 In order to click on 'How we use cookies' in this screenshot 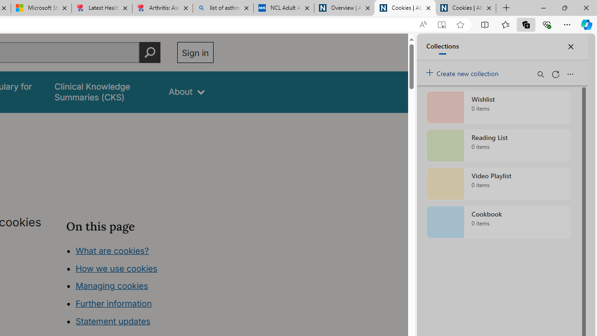, I will do `click(116, 268)`.